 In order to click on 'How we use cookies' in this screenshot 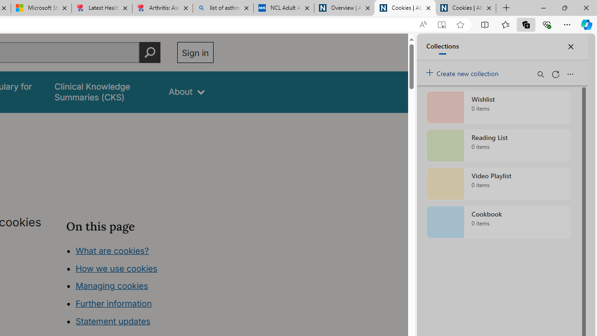, I will do `click(116, 268)`.